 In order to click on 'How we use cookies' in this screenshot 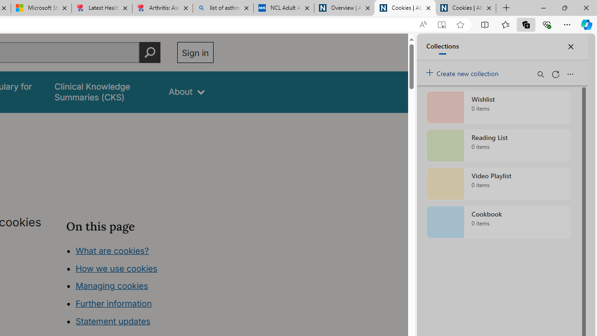, I will do `click(116, 268)`.